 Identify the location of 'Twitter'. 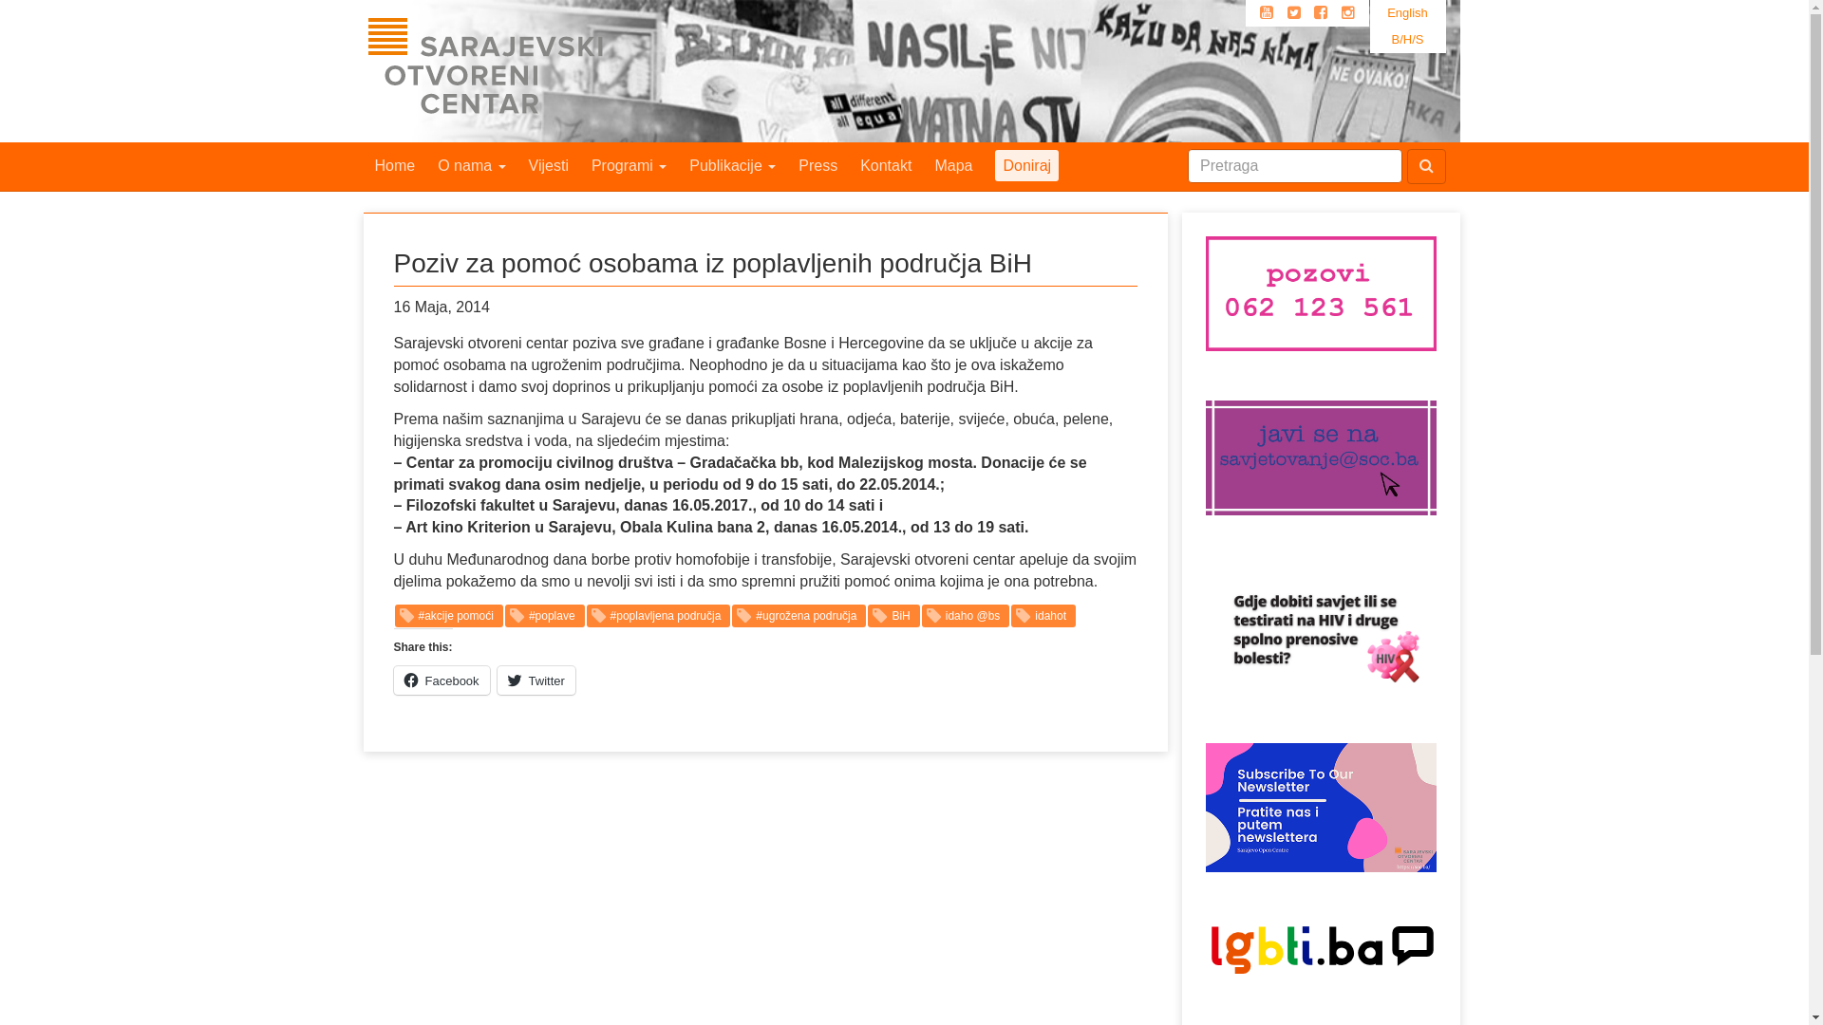
(536, 680).